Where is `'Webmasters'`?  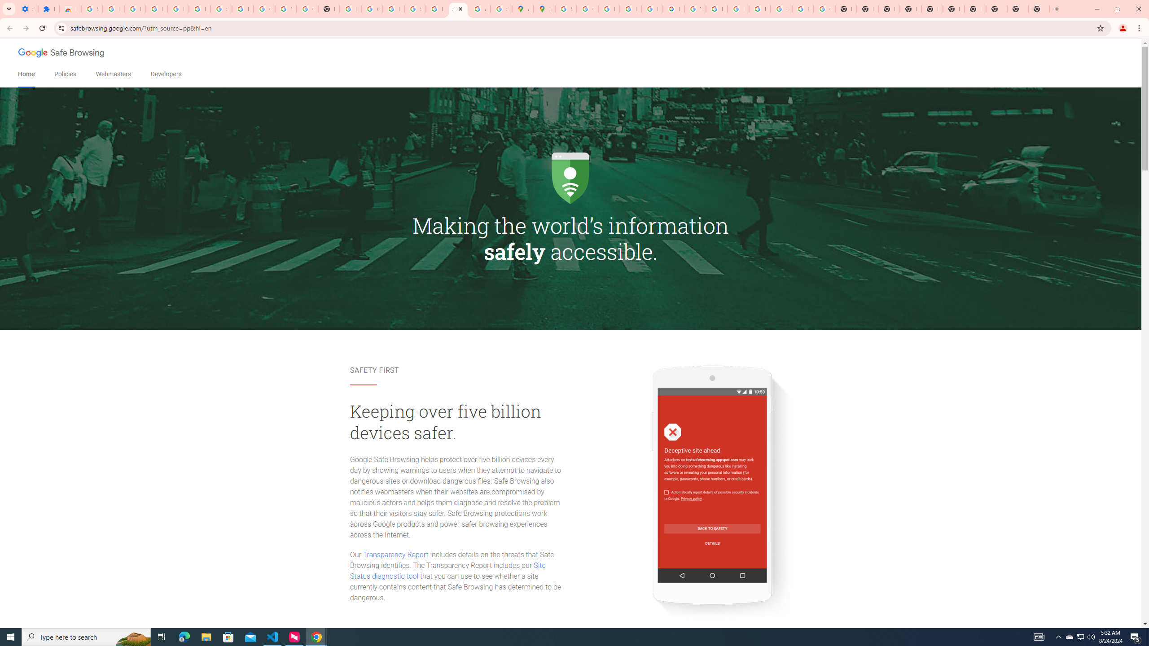
'Webmasters' is located at coordinates (113, 74).